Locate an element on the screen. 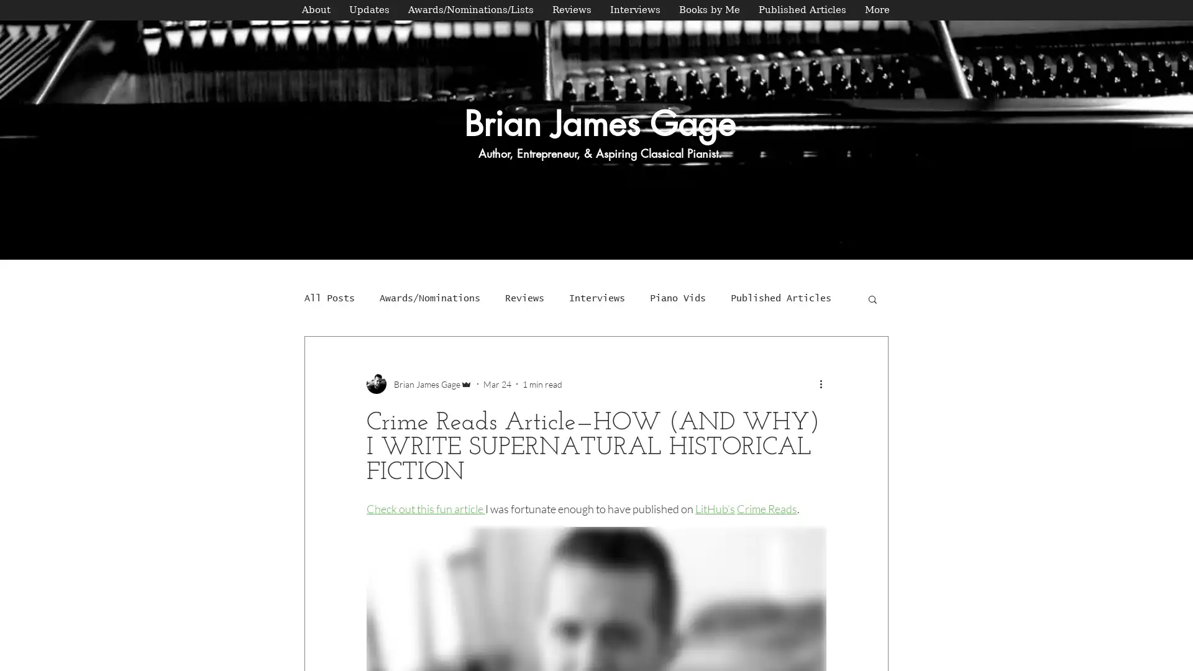 This screenshot has height=671, width=1193. Awards/Nominations is located at coordinates (429, 299).